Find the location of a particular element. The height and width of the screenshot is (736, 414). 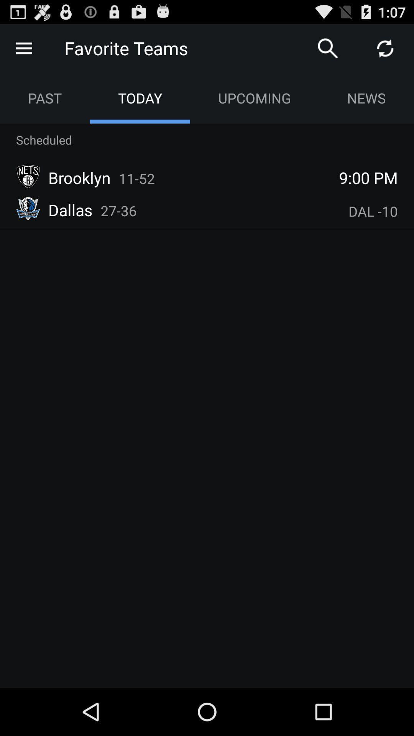

brooklyn is located at coordinates (79, 177).